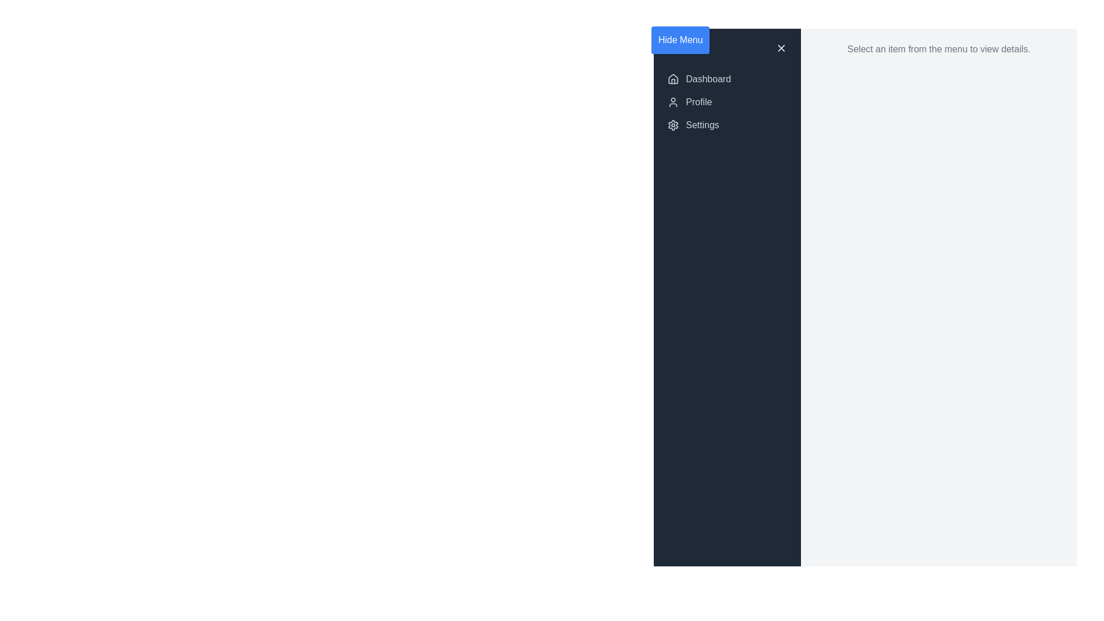 Image resolution: width=1104 pixels, height=621 pixels. Describe the element at coordinates (727, 125) in the screenshot. I see `the settings menu item` at that location.